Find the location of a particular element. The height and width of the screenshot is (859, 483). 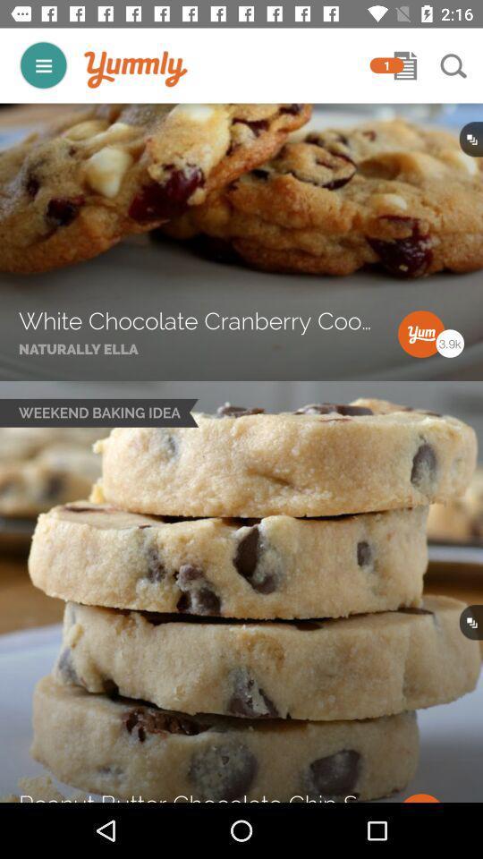

autoplay option is located at coordinates (43, 65).